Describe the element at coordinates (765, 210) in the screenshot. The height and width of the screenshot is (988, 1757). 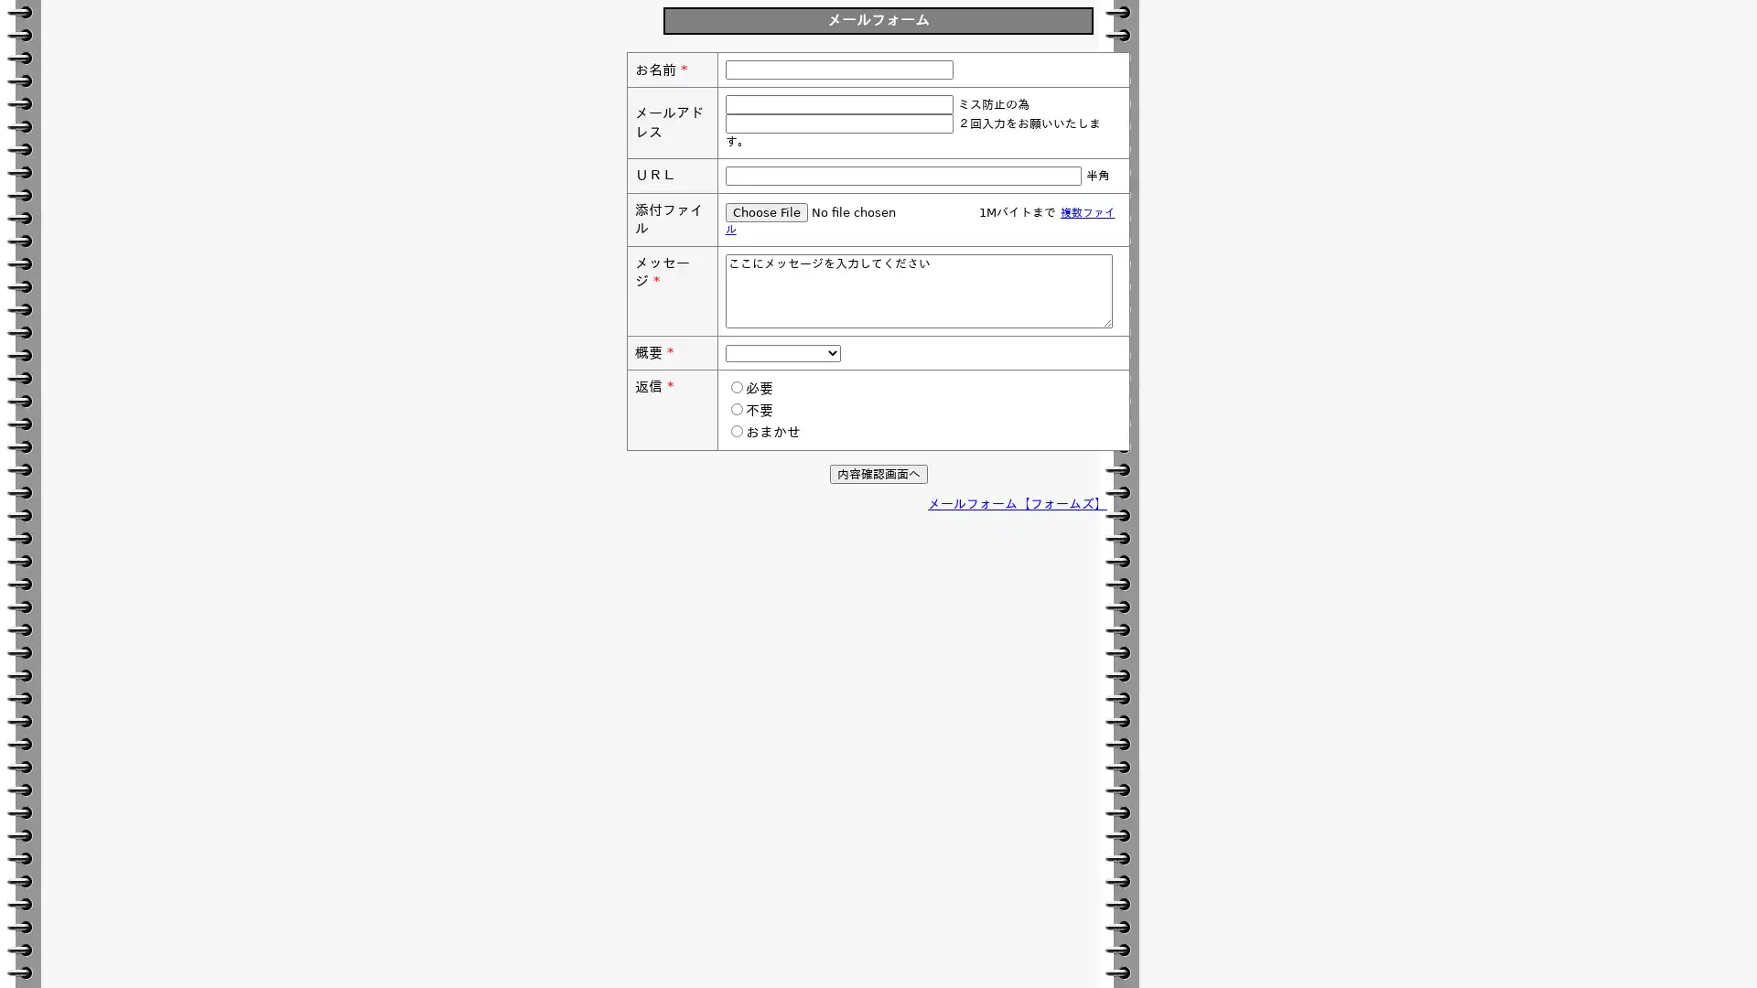
I see `Choose File` at that location.